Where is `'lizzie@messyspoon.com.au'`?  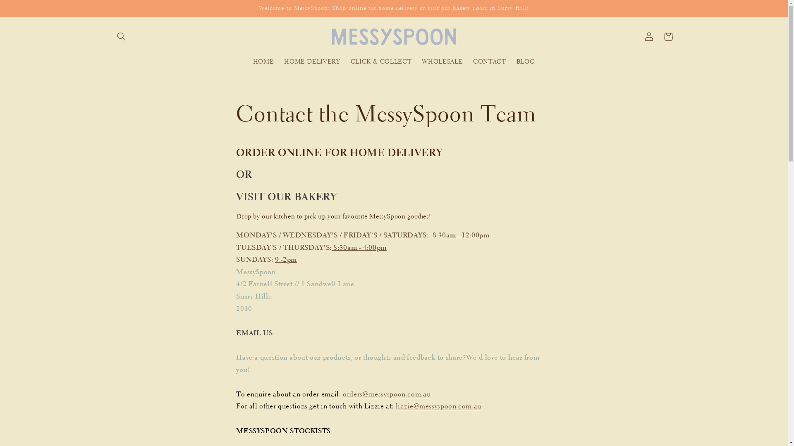 'lizzie@messyspoon.com.au' is located at coordinates (438, 406).